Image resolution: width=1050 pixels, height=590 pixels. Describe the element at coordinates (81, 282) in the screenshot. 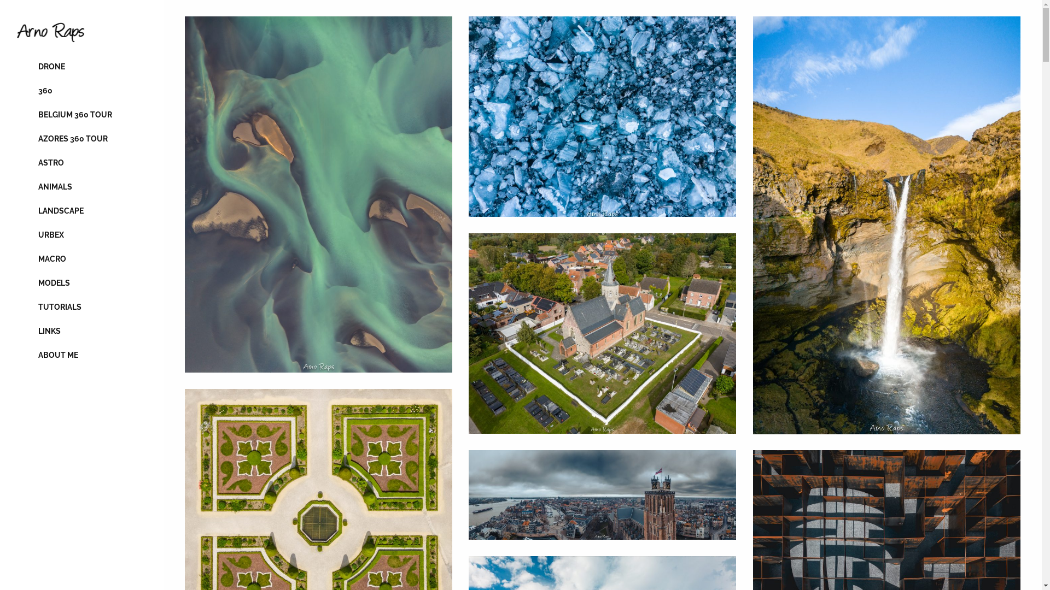

I see `'MODELS'` at that location.